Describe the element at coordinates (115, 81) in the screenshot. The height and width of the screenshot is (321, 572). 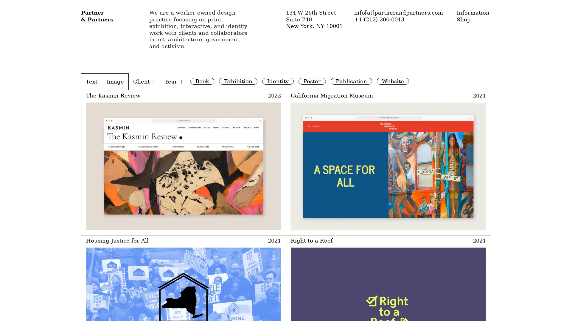
I see `Image` at that location.